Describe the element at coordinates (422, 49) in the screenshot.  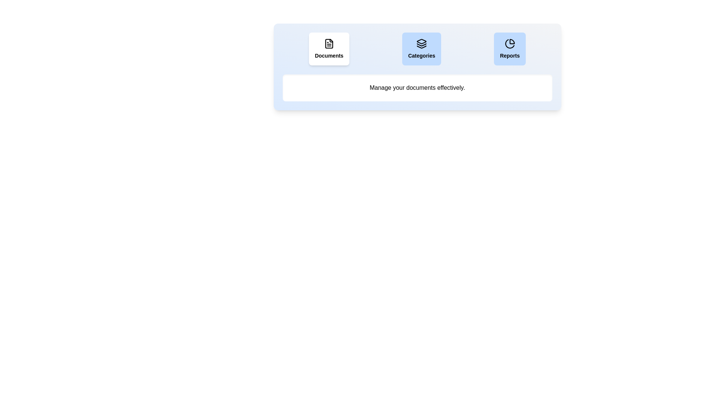
I see `the Categories tab to observe visual feedback` at that location.